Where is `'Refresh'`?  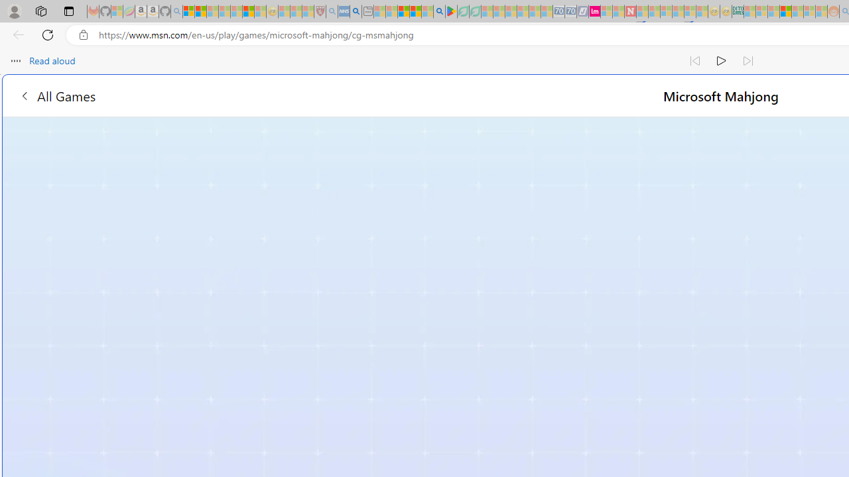 'Refresh' is located at coordinates (48, 34).